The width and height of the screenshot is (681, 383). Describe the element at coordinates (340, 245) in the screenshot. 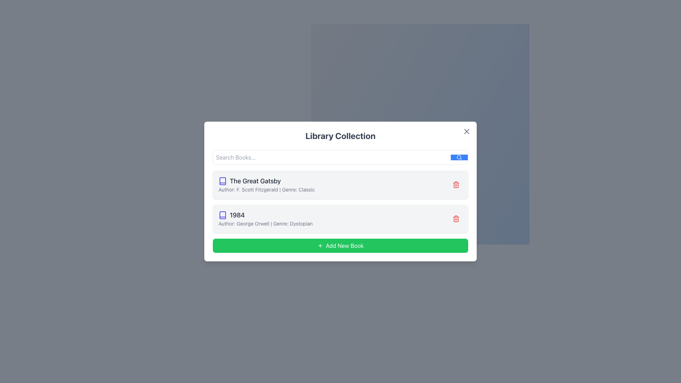

I see `the horizontally elongated rectangular button with a green background and white text that reads 'Add New Book', located at the bottom of the 'Library Collection' modal window` at that location.